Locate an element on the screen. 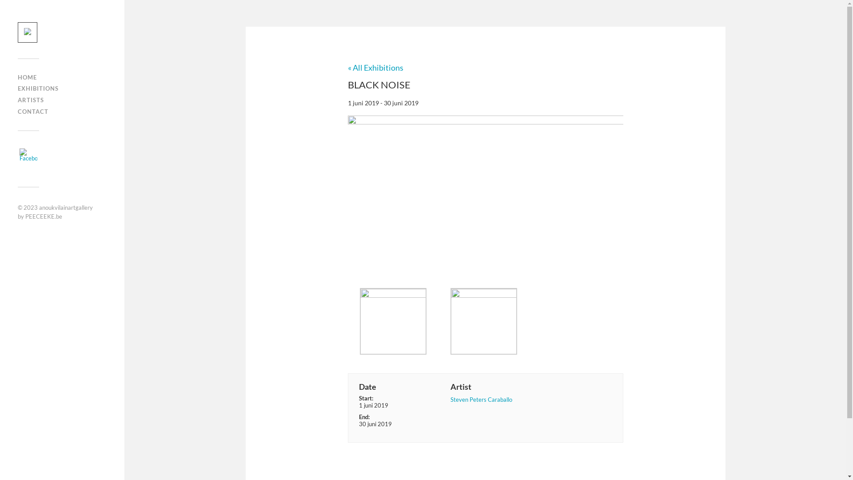 Image resolution: width=853 pixels, height=480 pixels. 'ARTISTS' is located at coordinates (31, 100).